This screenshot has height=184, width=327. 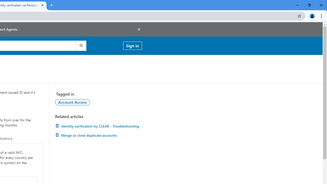 What do you see at coordinates (98, 126) in the screenshot?
I see `'Identity verification by CLEAR - Troubleshooting'` at bounding box center [98, 126].